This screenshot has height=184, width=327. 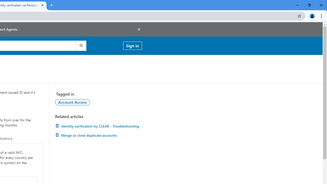 What do you see at coordinates (98, 126) in the screenshot?
I see `'Identity verification by CLEAR - Troubleshooting'` at bounding box center [98, 126].